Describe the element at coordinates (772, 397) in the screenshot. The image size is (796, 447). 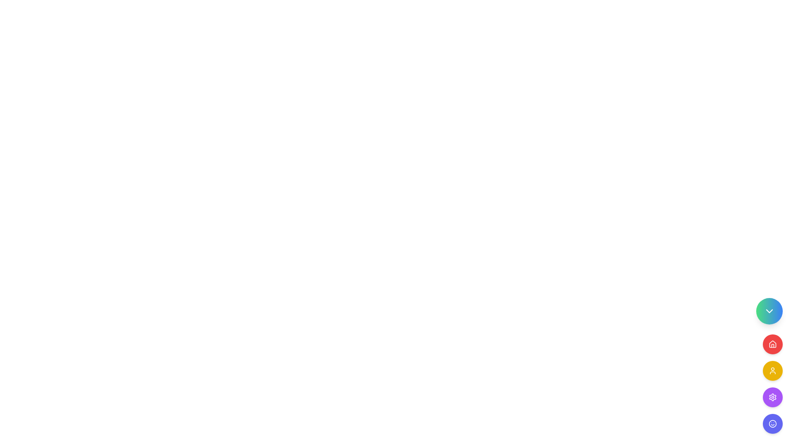
I see `the settings gear icon located in the middle-left of the vertical action menu` at that location.